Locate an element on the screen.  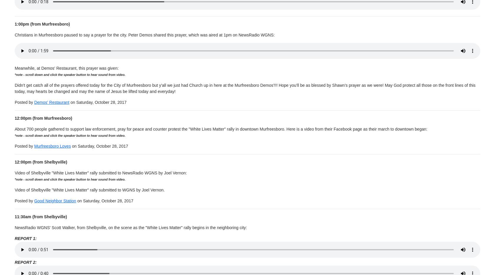
'Good Neighbor Station' is located at coordinates (34, 200).